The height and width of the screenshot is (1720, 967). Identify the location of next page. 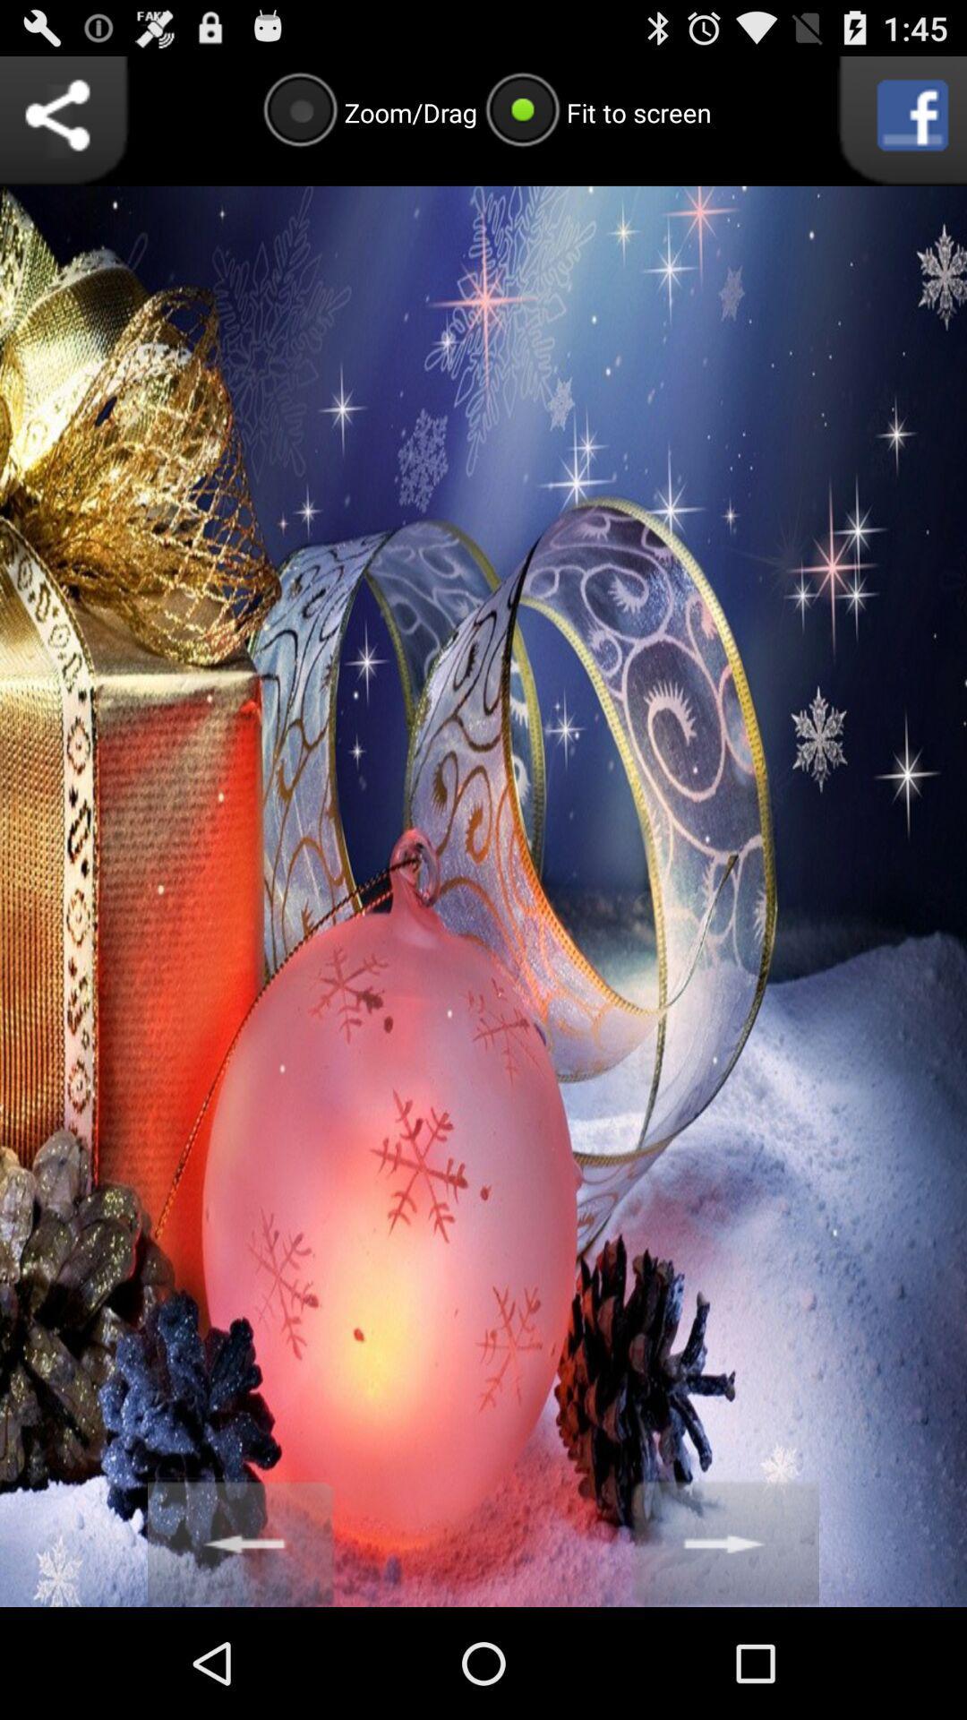
(725, 1541).